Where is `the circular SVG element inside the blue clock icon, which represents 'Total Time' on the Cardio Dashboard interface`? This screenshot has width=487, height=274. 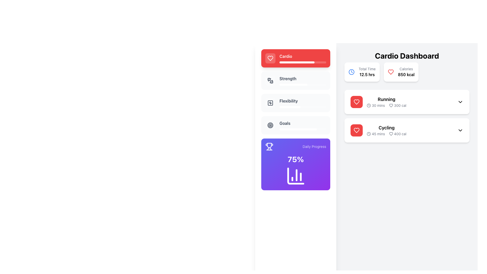 the circular SVG element inside the blue clock icon, which represents 'Total Time' on the Cardio Dashboard interface is located at coordinates (351, 72).